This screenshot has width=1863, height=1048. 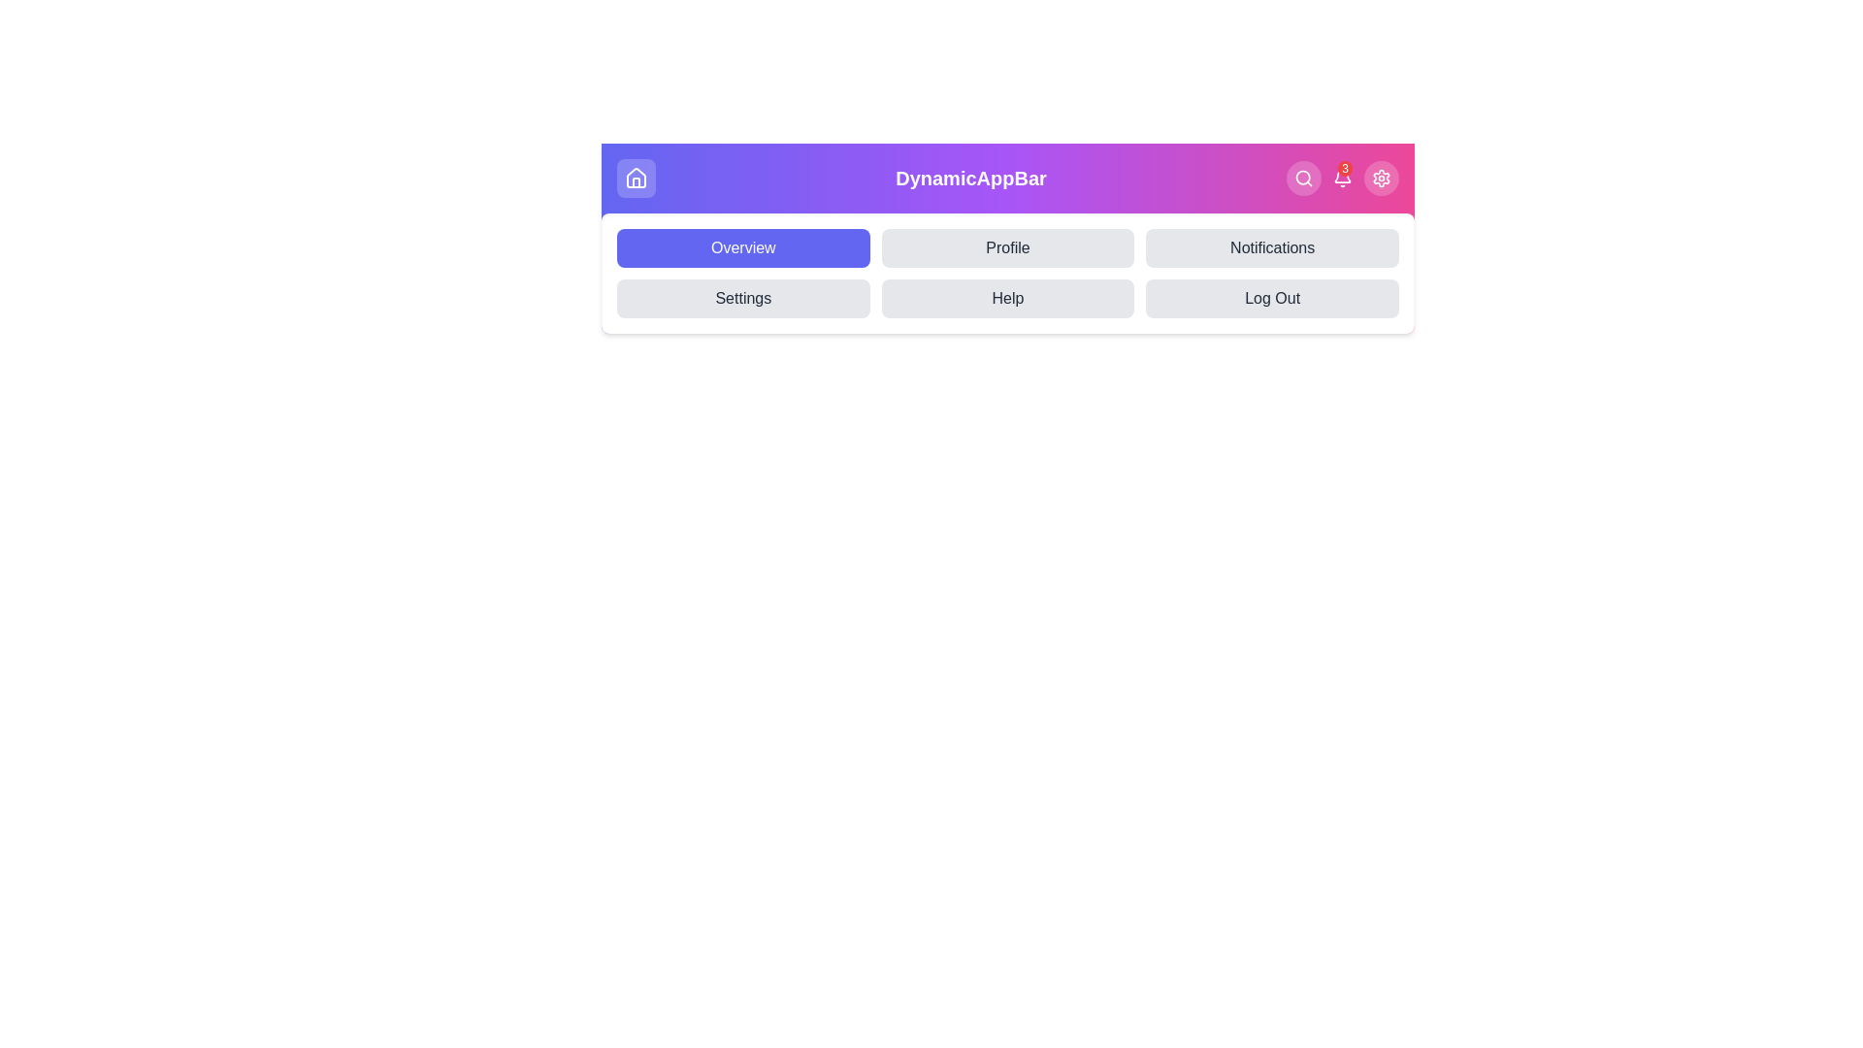 What do you see at coordinates (637, 179) in the screenshot?
I see `the home button to toggle the navigation menu` at bounding box center [637, 179].